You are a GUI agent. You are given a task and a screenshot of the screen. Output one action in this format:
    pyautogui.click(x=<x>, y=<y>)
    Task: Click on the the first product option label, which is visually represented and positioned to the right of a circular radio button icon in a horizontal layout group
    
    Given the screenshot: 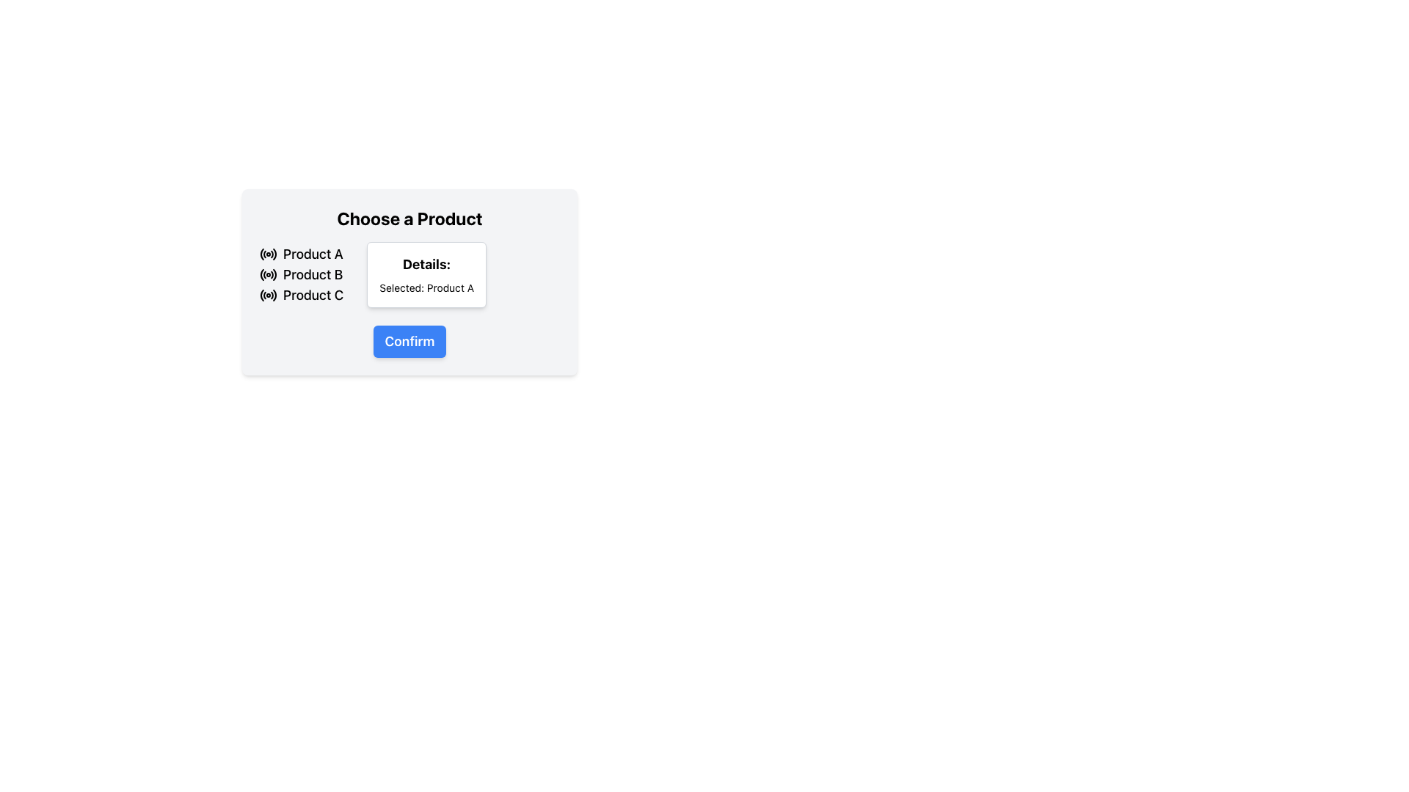 What is the action you would take?
    pyautogui.click(x=312, y=254)
    